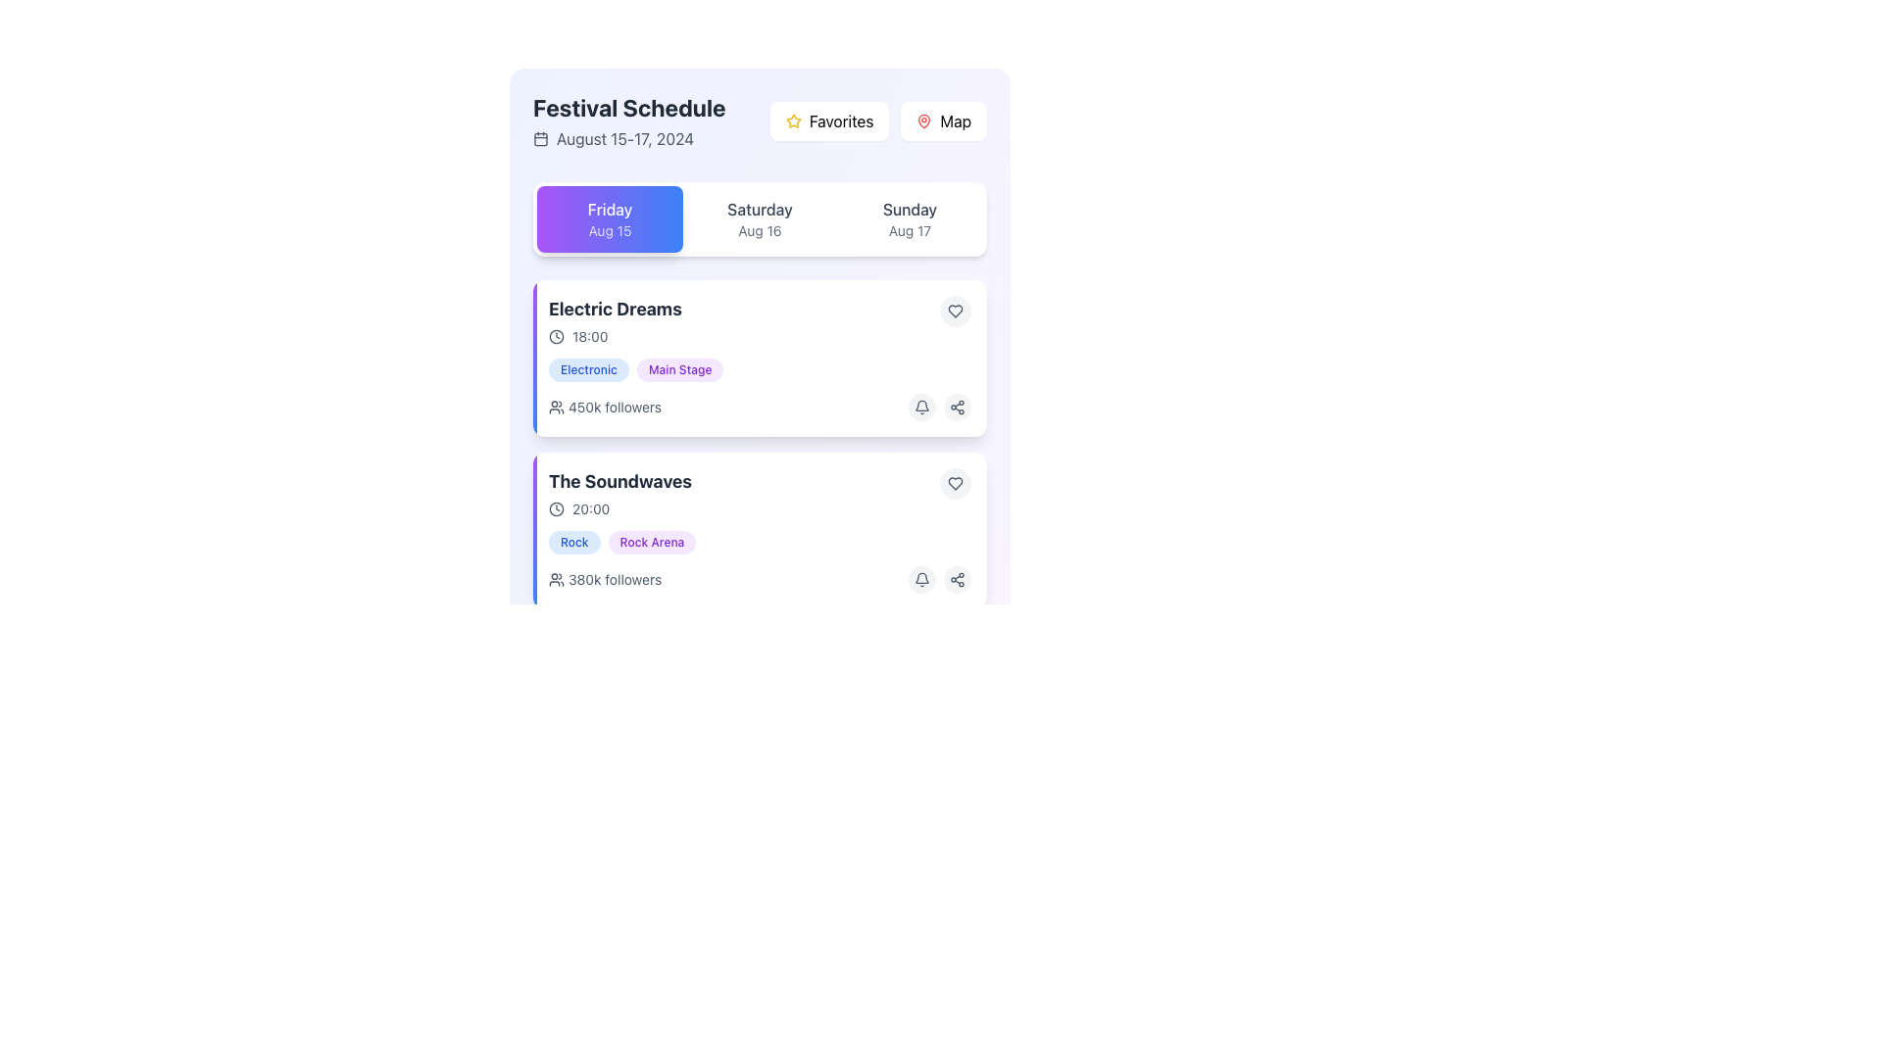 The image size is (1882, 1058). Describe the element at coordinates (759, 319) in the screenshot. I see `the Information Display - Event Title and Time, which shows the scheduled event's title and starting time, located near the upper-left corner of the 'Festival Schedule' interface` at that location.